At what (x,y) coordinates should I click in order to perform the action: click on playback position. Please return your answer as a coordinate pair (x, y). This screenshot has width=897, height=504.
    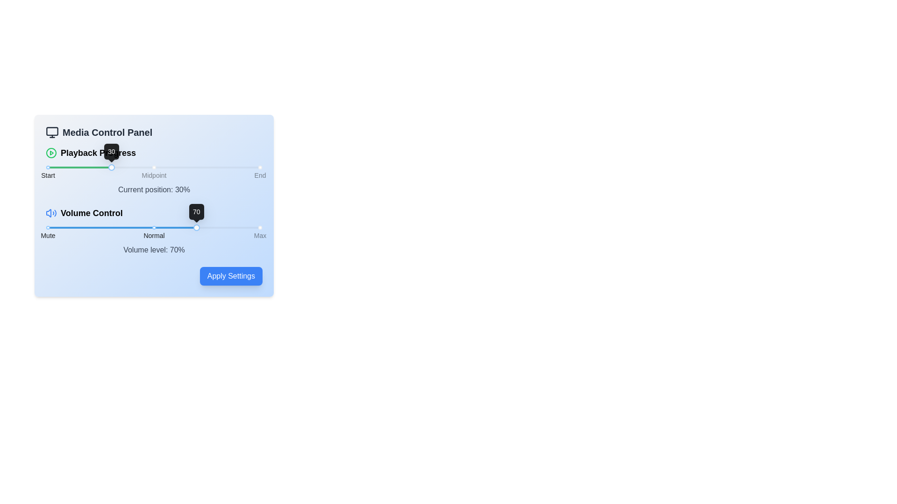
    Looking at the image, I should click on (245, 167).